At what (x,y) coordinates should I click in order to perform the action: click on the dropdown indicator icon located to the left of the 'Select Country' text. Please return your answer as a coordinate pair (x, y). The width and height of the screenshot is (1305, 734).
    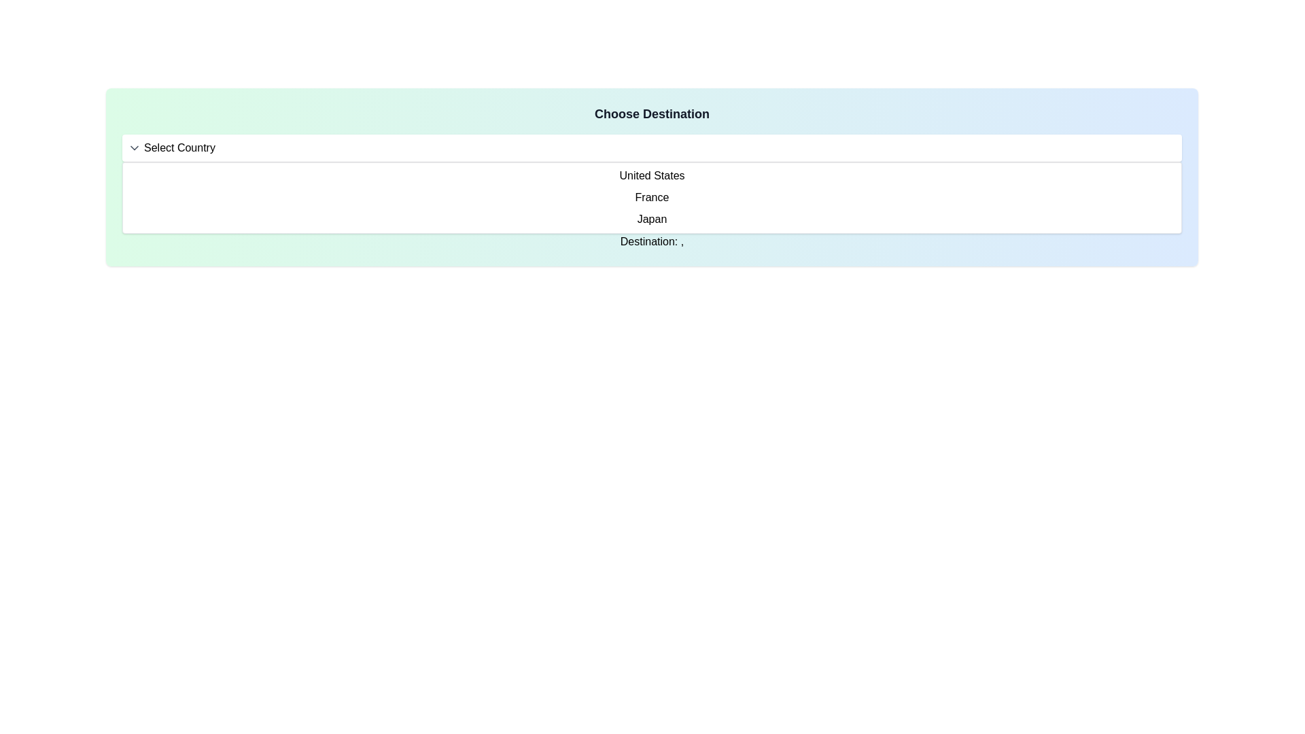
    Looking at the image, I should click on (134, 148).